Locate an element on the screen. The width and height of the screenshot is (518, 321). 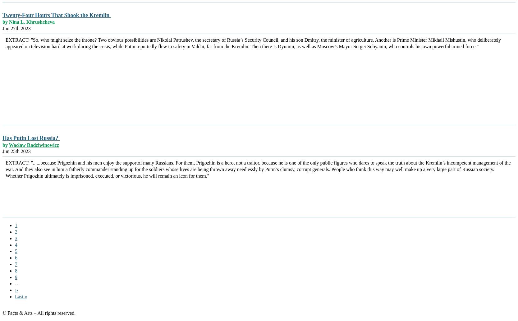
'Has Putin Lost Russia?' is located at coordinates (2, 137).